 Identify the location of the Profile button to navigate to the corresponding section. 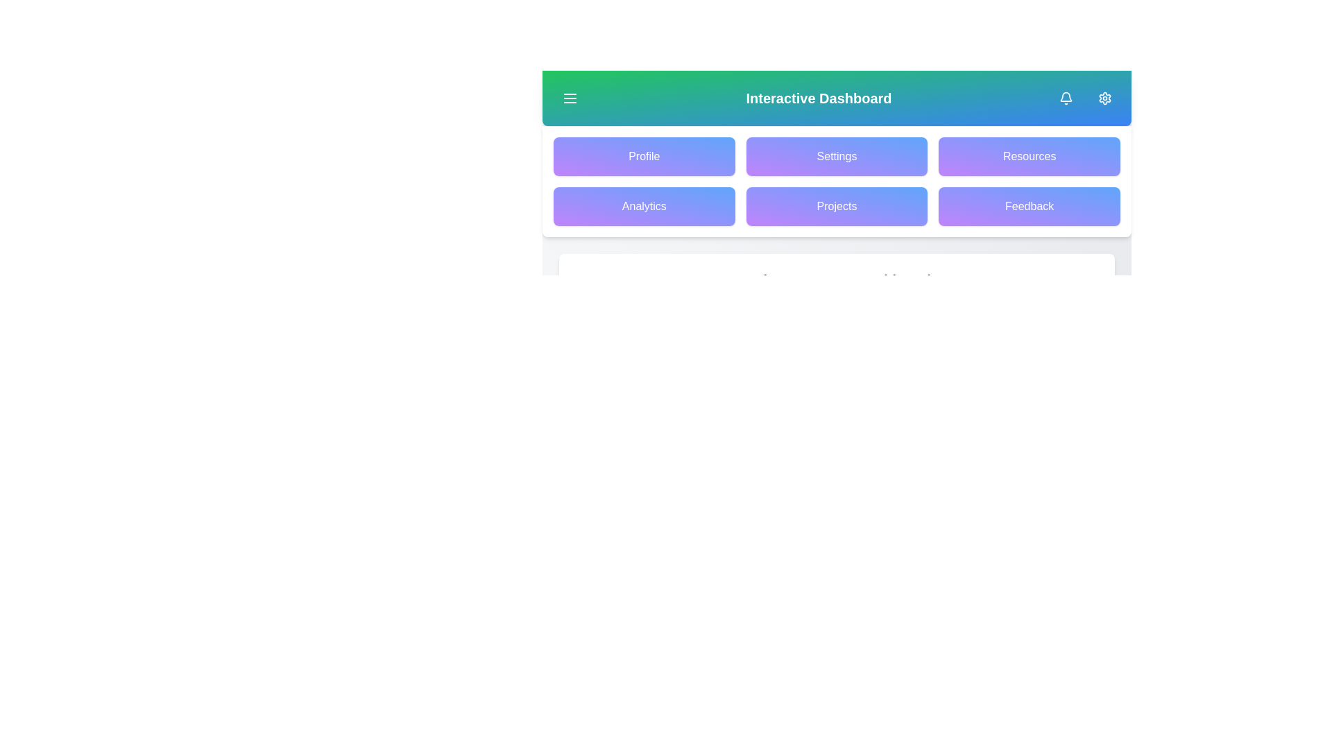
(642, 156).